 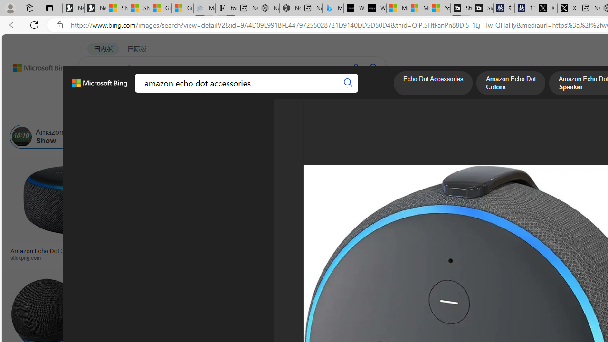 What do you see at coordinates (355, 67) in the screenshot?
I see `'Search using voice'` at bounding box center [355, 67].